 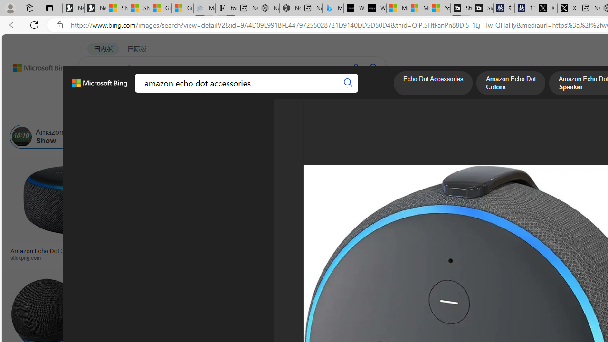 What do you see at coordinates (355, 67) in the screenshot?
I see `'Search using voice'` at bounding box center [355, 67].